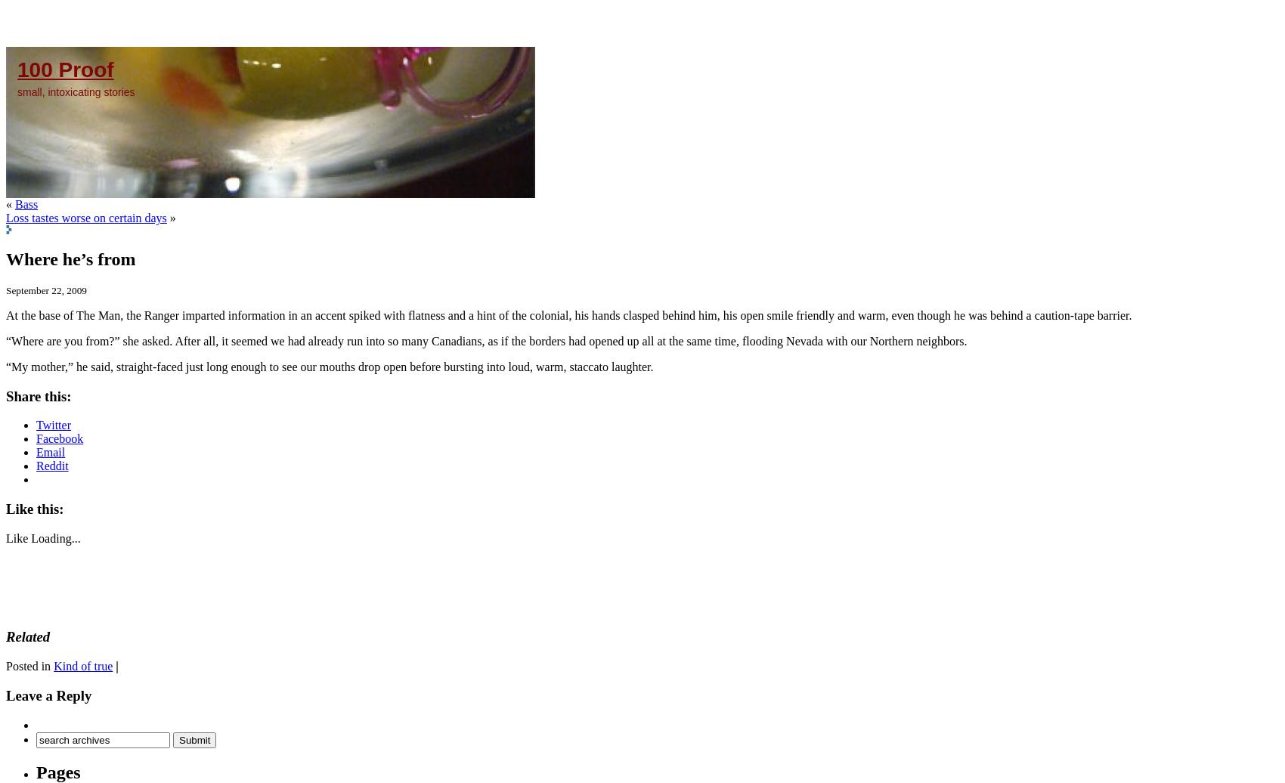  I want to click on 'Pages', so click(58, 772).